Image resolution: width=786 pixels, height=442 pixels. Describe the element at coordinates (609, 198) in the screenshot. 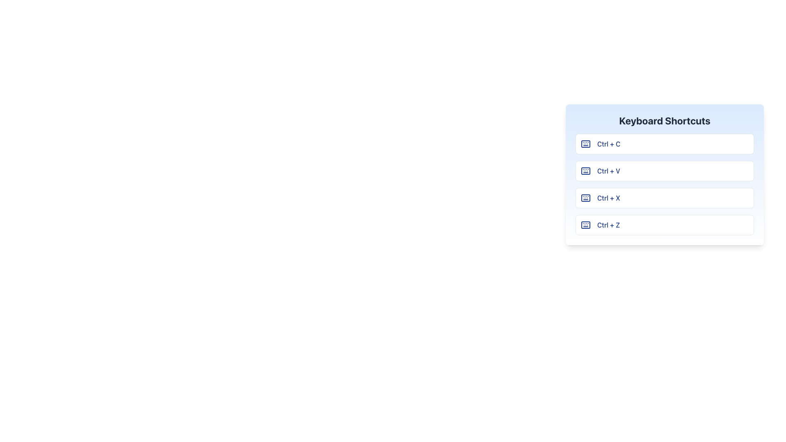

I see `the text label displaying 'Ctrl + X', which is in blue on a white background and is the third item in a vertical list of similar labels` at that location.